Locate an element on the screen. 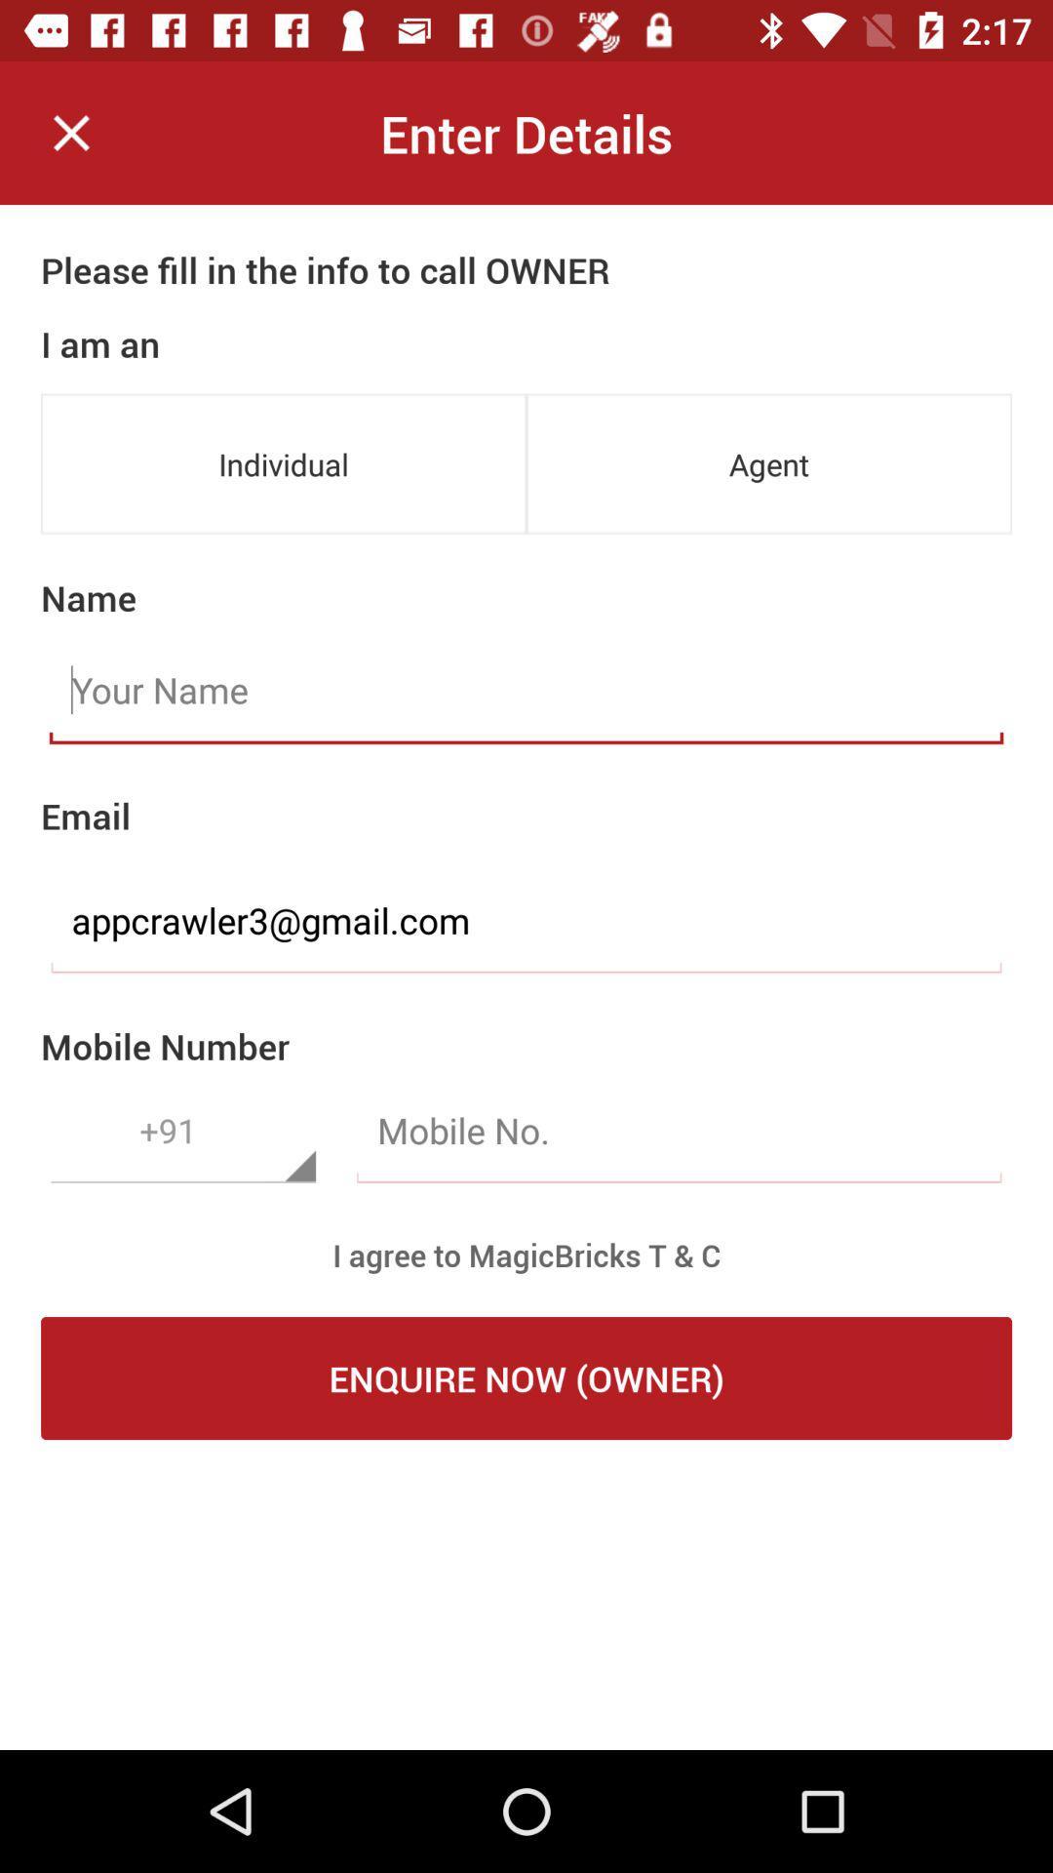 The image size is (1053, 1873). appcrawler3@gmail.com item is located at coordinates (526, 921).